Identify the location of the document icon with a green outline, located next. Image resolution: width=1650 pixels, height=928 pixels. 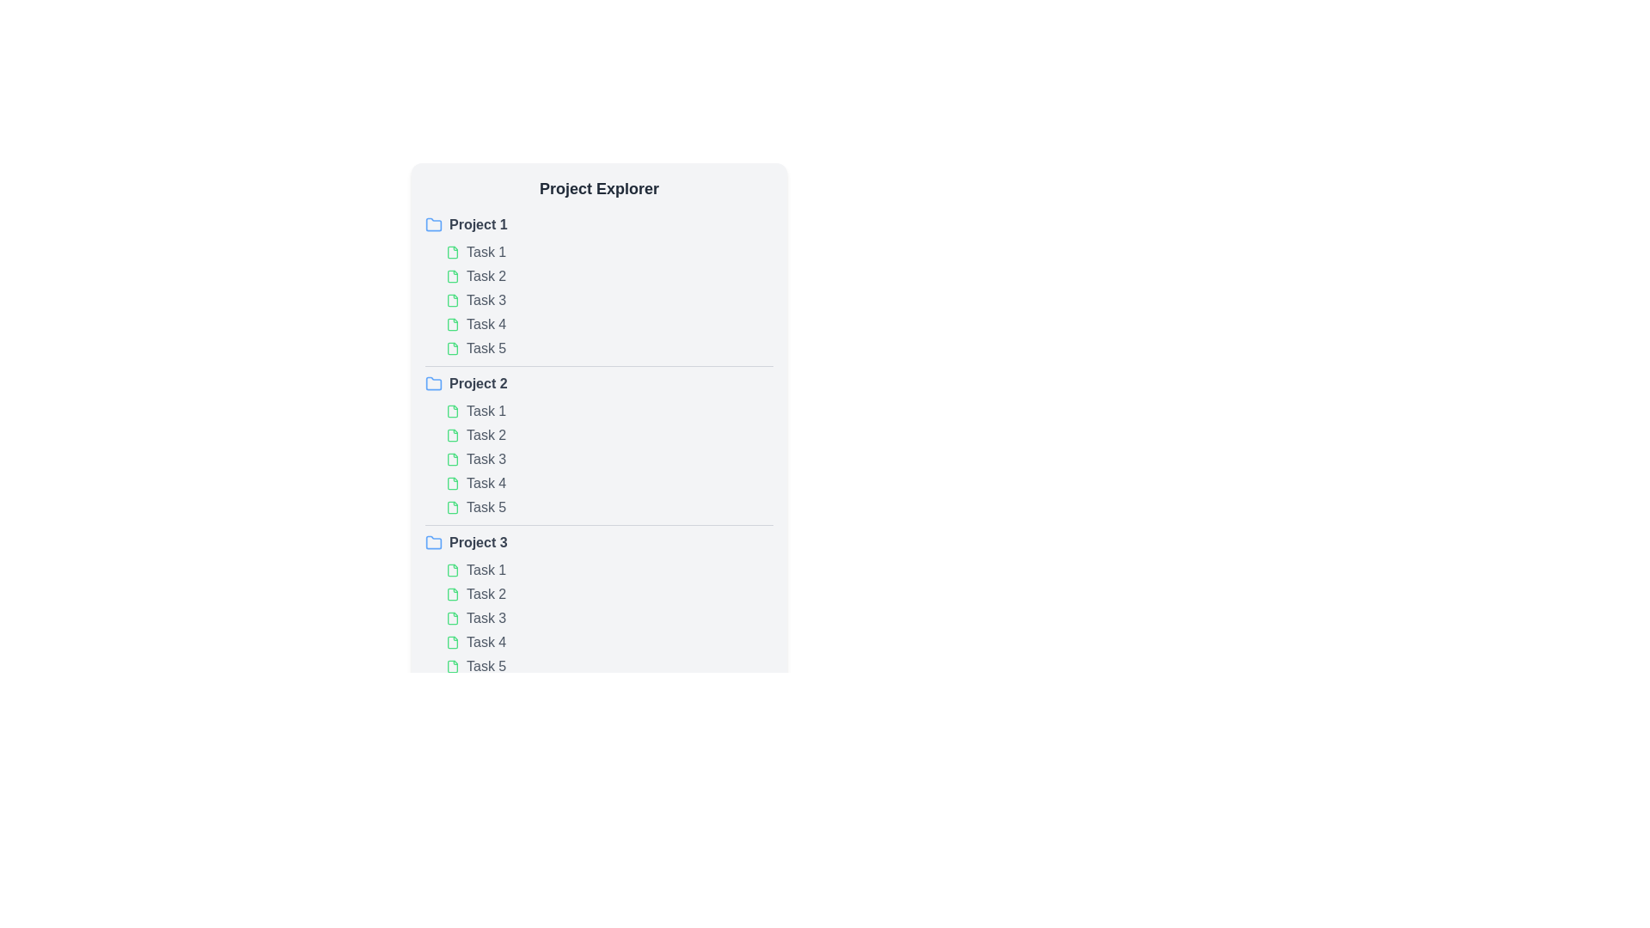
(453, 411).